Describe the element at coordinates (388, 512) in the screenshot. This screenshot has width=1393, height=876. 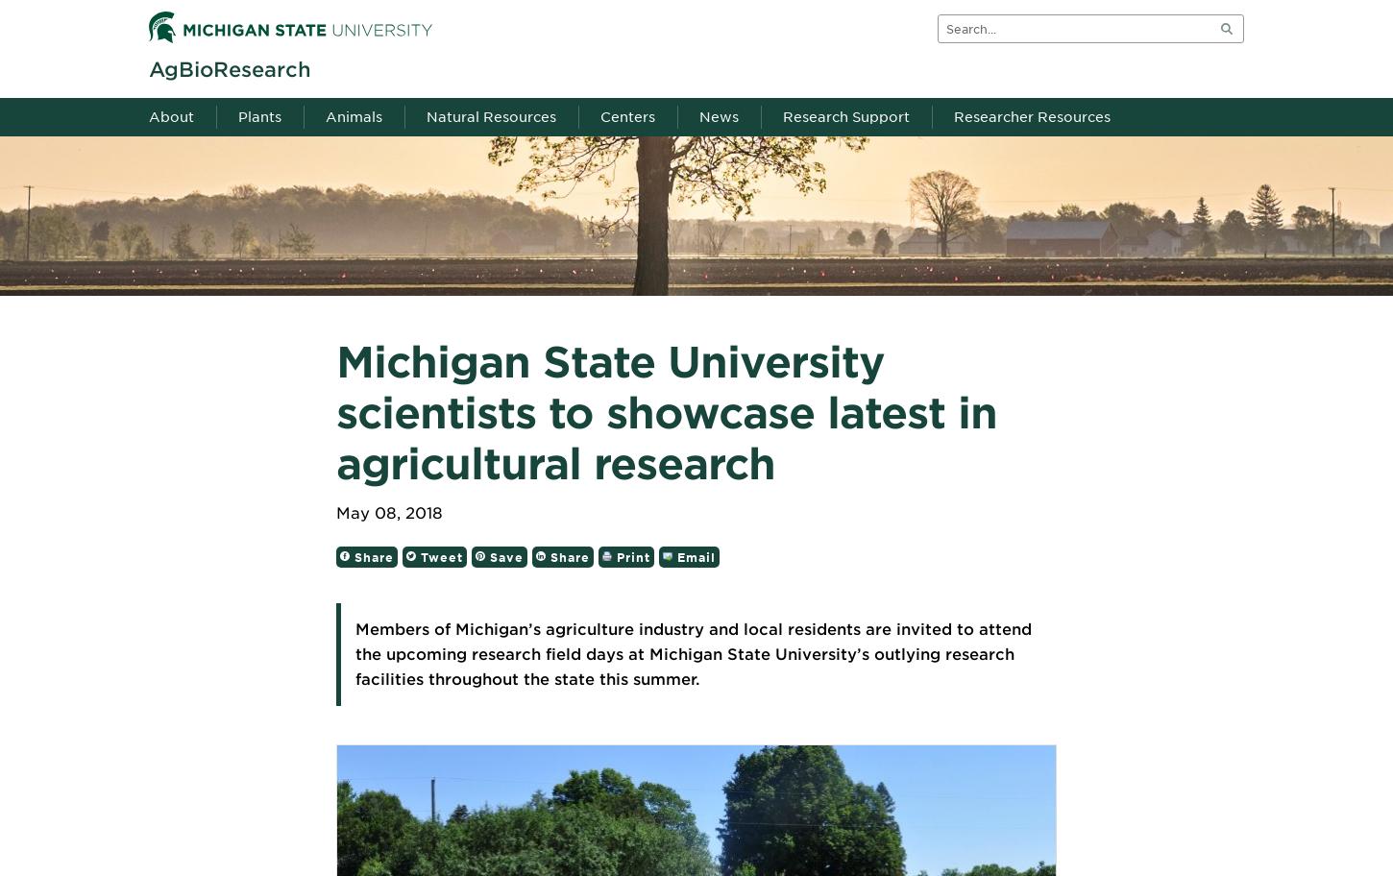
I see `'May 08, 2018'` at that location.